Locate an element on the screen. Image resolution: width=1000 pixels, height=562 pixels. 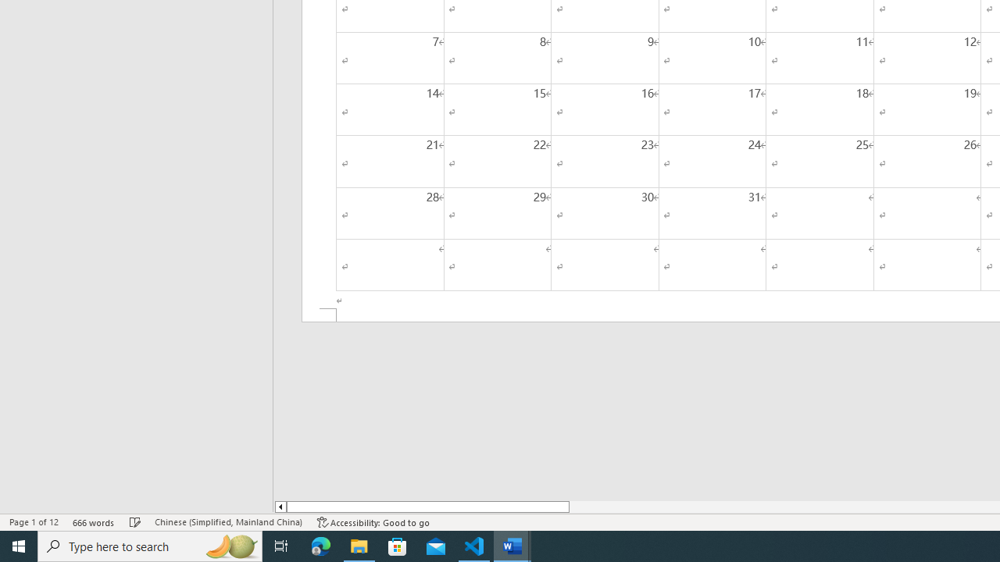
'Word Count 666 words' is located at coordinates (93, 522).